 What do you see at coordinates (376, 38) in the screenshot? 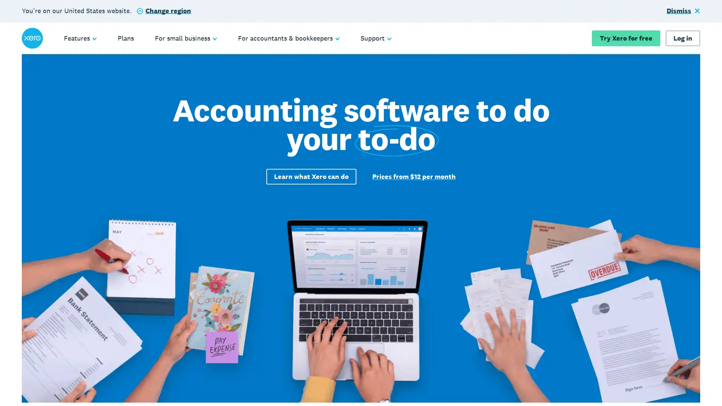
I see `Support` at bounding box center [376, 38].